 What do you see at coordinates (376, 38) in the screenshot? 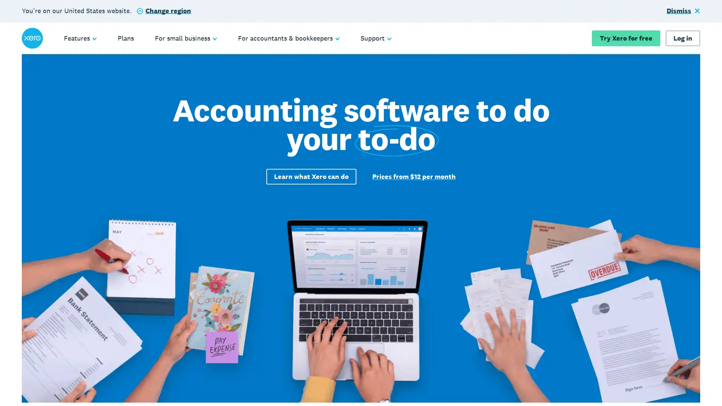
I see `Support` at bounding box center [376, 38].